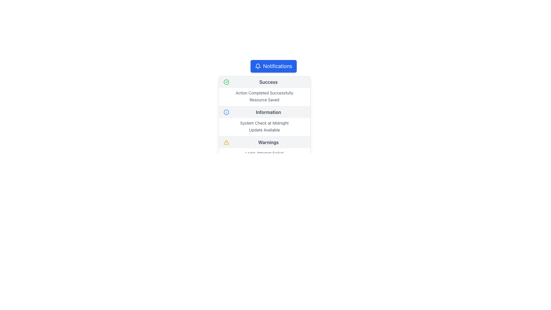 The width and height of the screenshot is (551, 310). Describe the element at coordinates (257, 65) in the screenshot. I see `the bell-shaped SVG vector graphic icon located in the notification section above the 'Notifications' text label, which is styled on a blue background` at that location.